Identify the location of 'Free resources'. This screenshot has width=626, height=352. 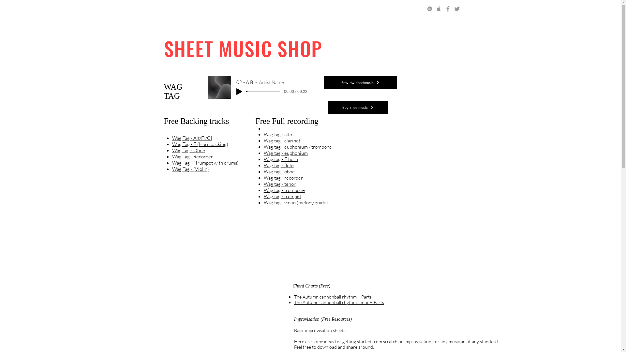
(293, 9).